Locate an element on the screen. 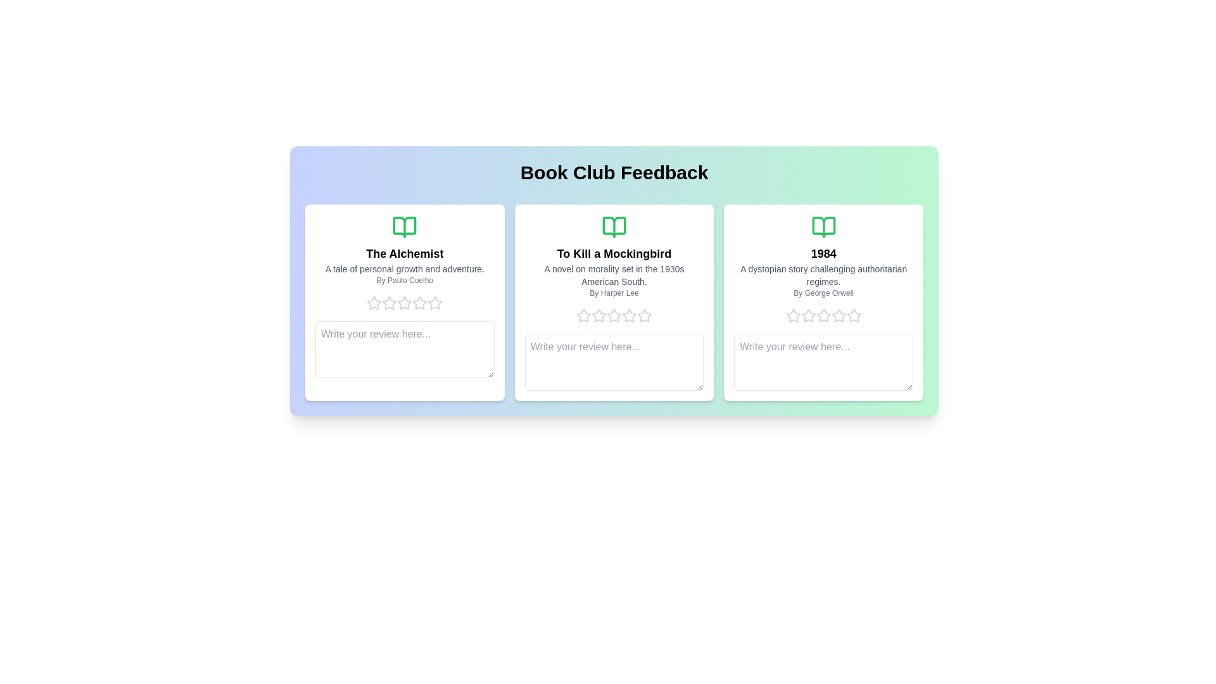 The image size is (1216, 684). the first star icon in the rating interface for the book 'The Alchemist' is located at coordinates (374, 303).